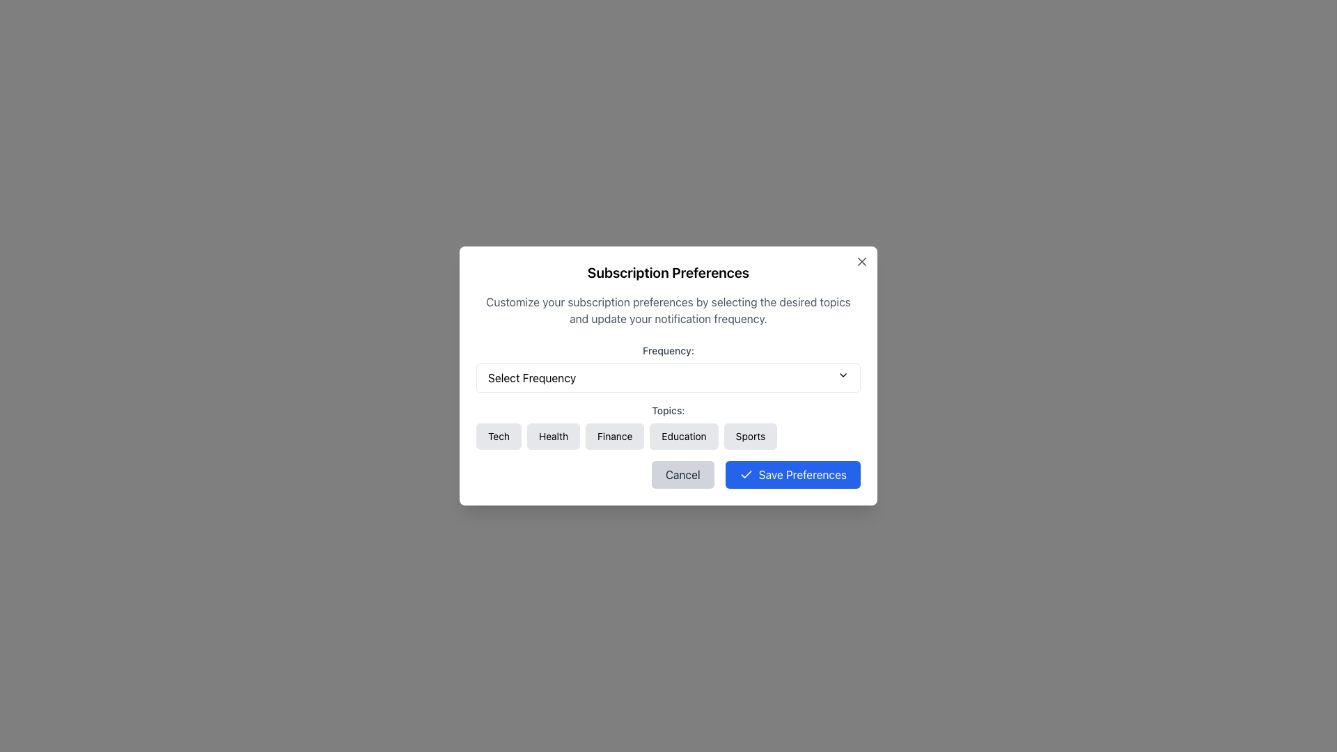 The image size is (1337, 752). I want to click on static text paragraph located below the title 'Subscription Preferences' in the modal dialog box to understand the instructions for customizing subscription preferences, so click(668, 310).